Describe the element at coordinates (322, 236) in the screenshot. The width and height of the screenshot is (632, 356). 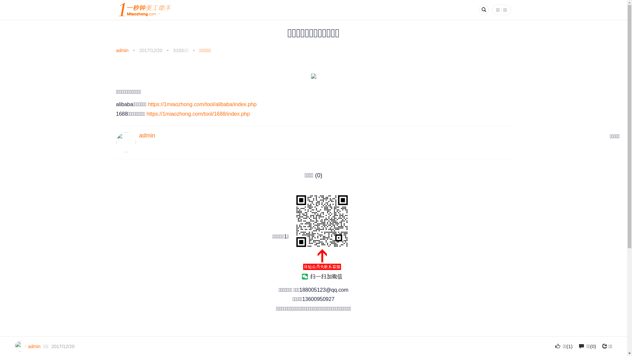
I see `'  '` at that location.